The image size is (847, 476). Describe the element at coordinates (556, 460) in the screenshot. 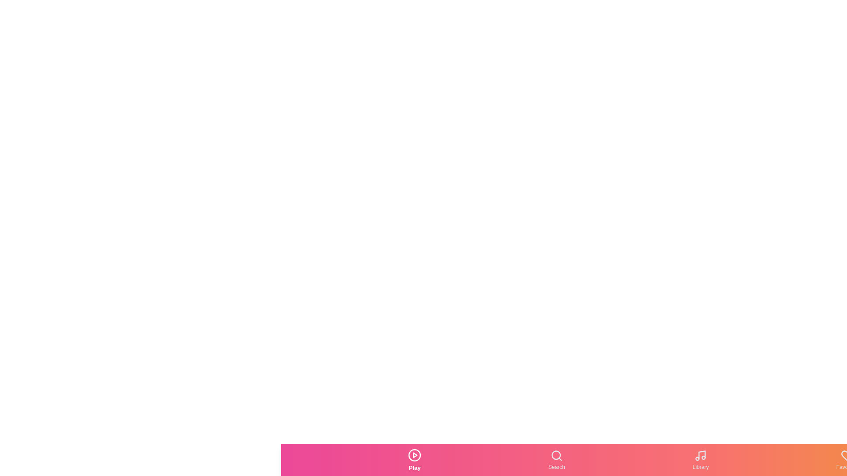

I see `the Search tab to navigate to the corresponding section` at that location.